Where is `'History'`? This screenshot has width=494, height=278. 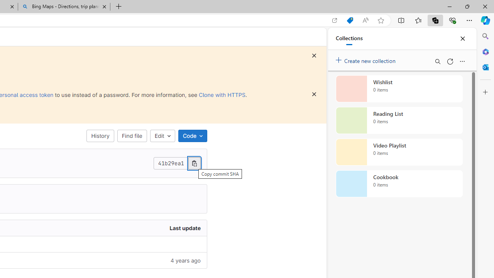 'History' is located at coordinates (100, 136).